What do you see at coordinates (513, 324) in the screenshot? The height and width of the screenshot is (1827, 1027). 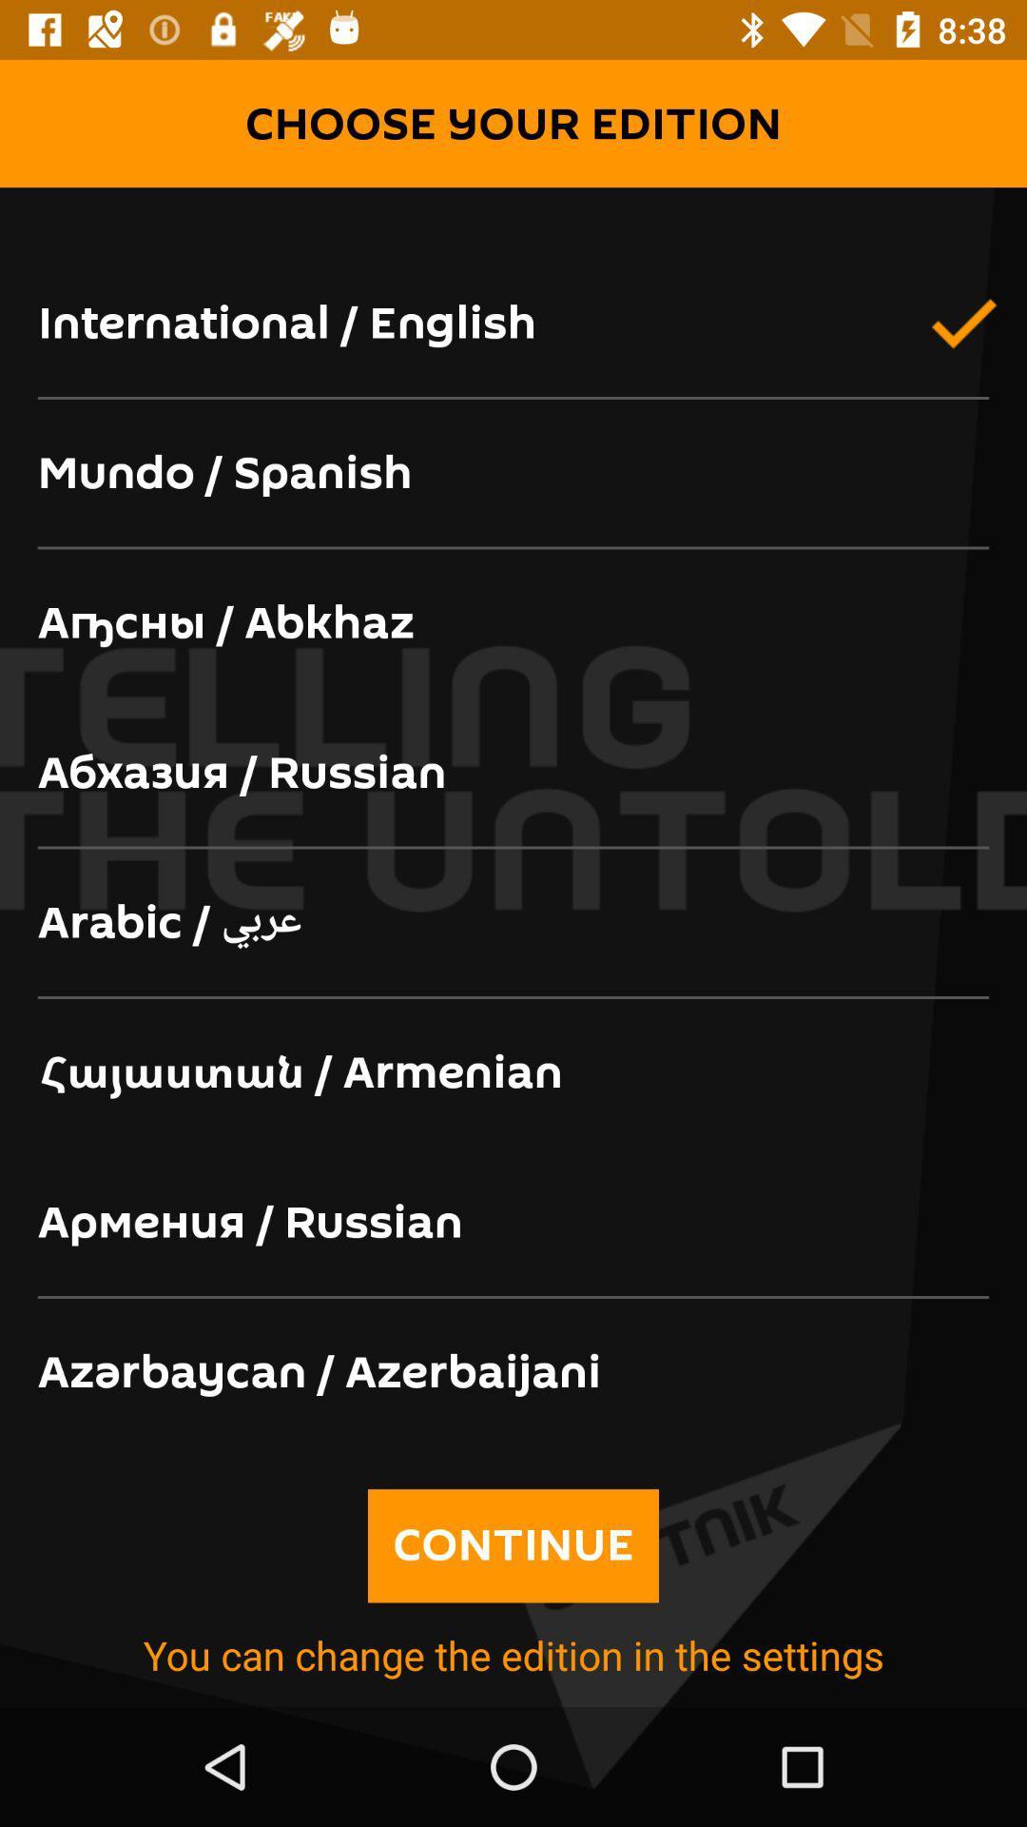 I see `international / english app` at bounding box center [513, 324].